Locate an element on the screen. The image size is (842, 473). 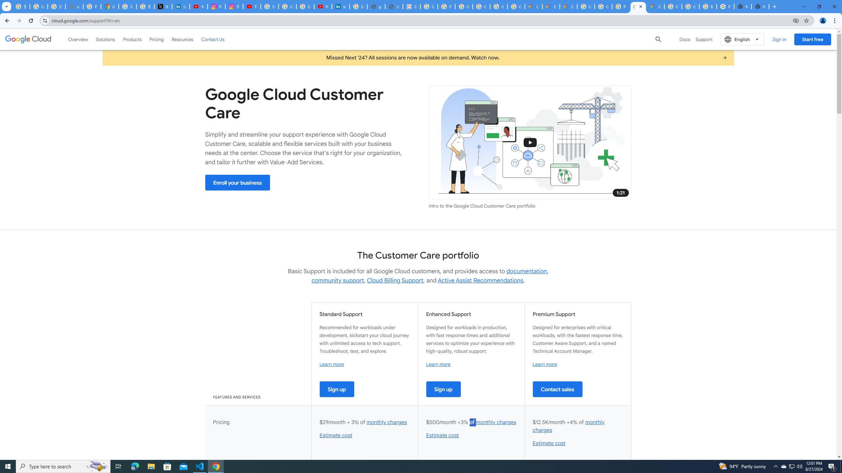
'Contact Us' is located at coordinates (213, 39).